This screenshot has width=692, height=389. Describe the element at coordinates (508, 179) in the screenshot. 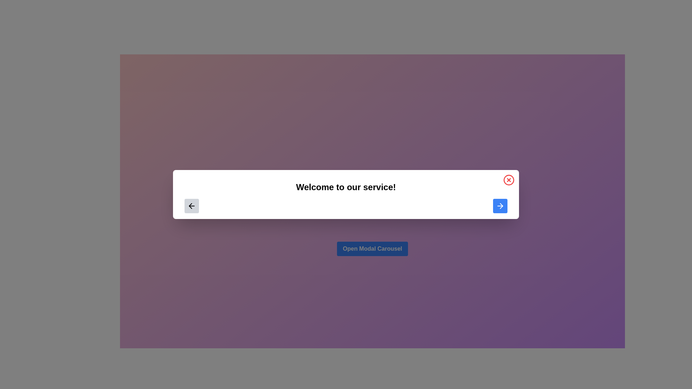

I see `the circular element of the close button in the top-right corner of the modal dialog, which is part of an SVG graphic` at that location.